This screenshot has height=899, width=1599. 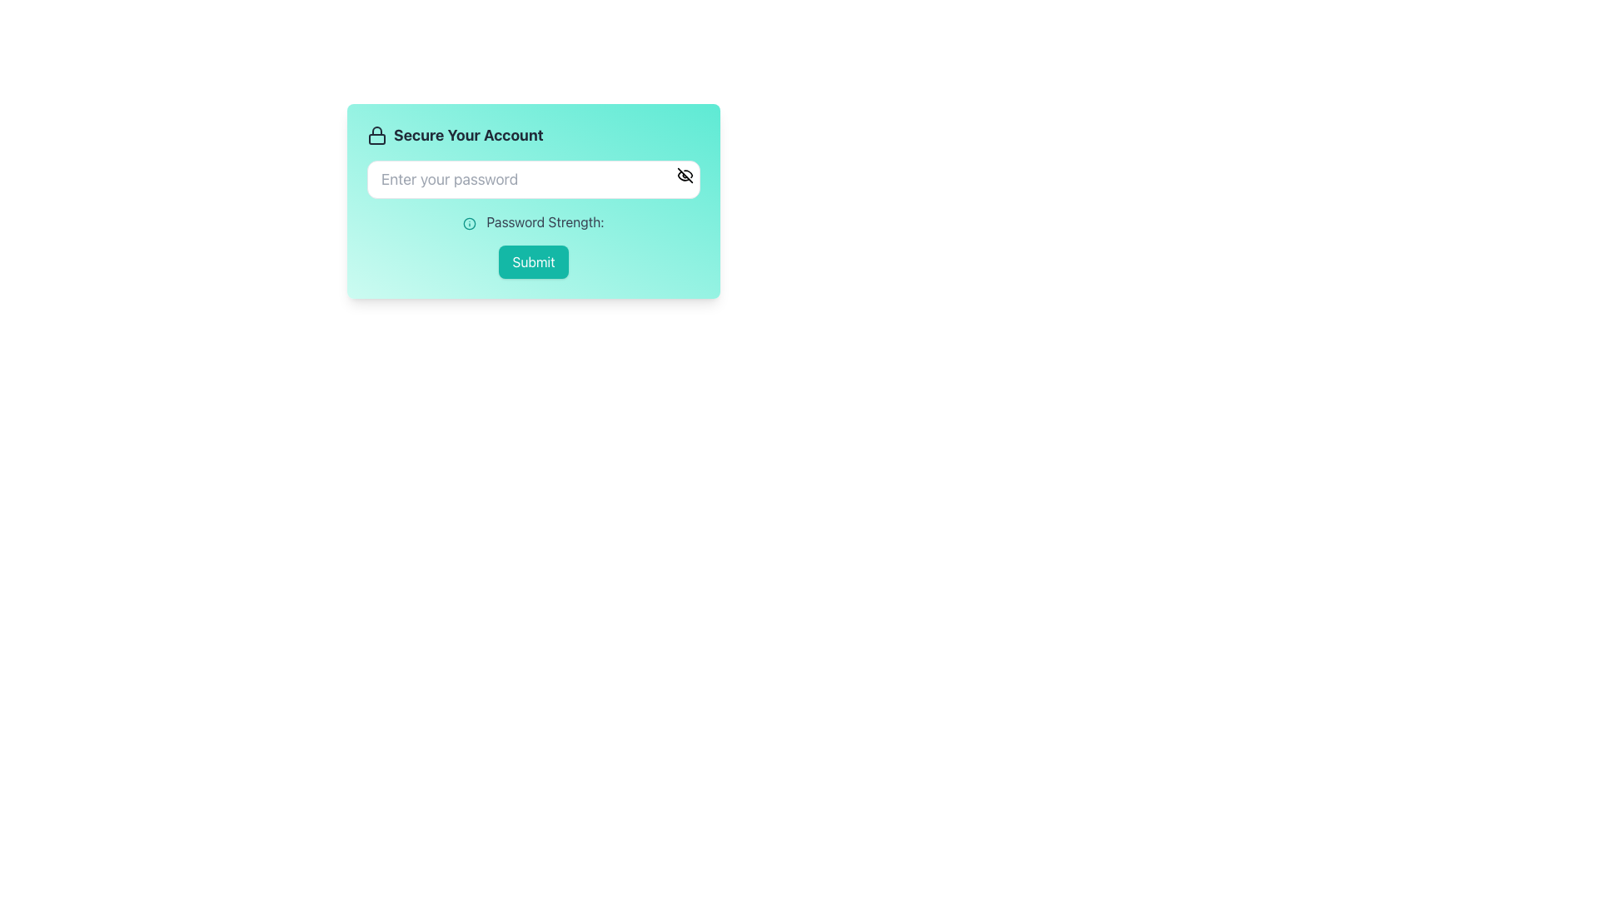 What do you see at coordinates (534, 221) in the screenshot?
I see `text 'Password Strength:' from the label with an accompanying icon, which is styled in gray and located below the password input field on a light teal background` at bounding box center [534, 221].